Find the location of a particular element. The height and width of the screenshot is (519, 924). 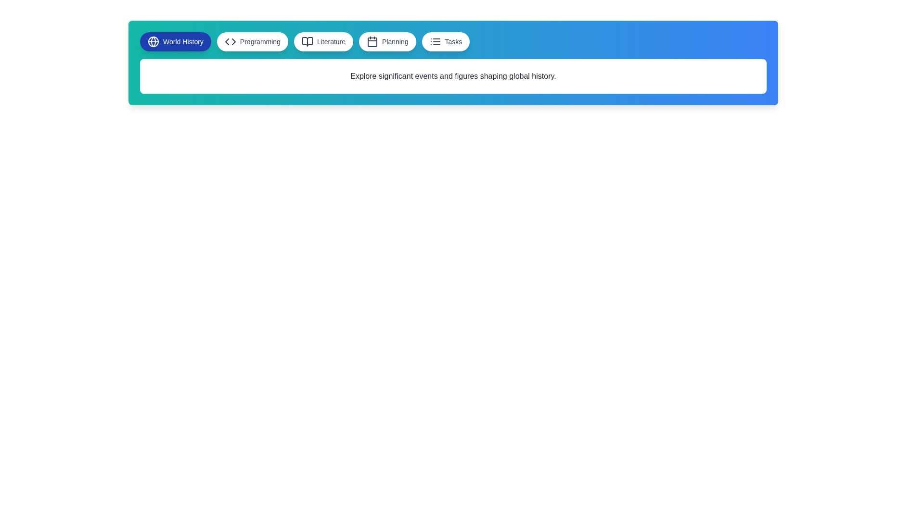

the tab labeled Literature to view its content is located at coordinates (323, 41).